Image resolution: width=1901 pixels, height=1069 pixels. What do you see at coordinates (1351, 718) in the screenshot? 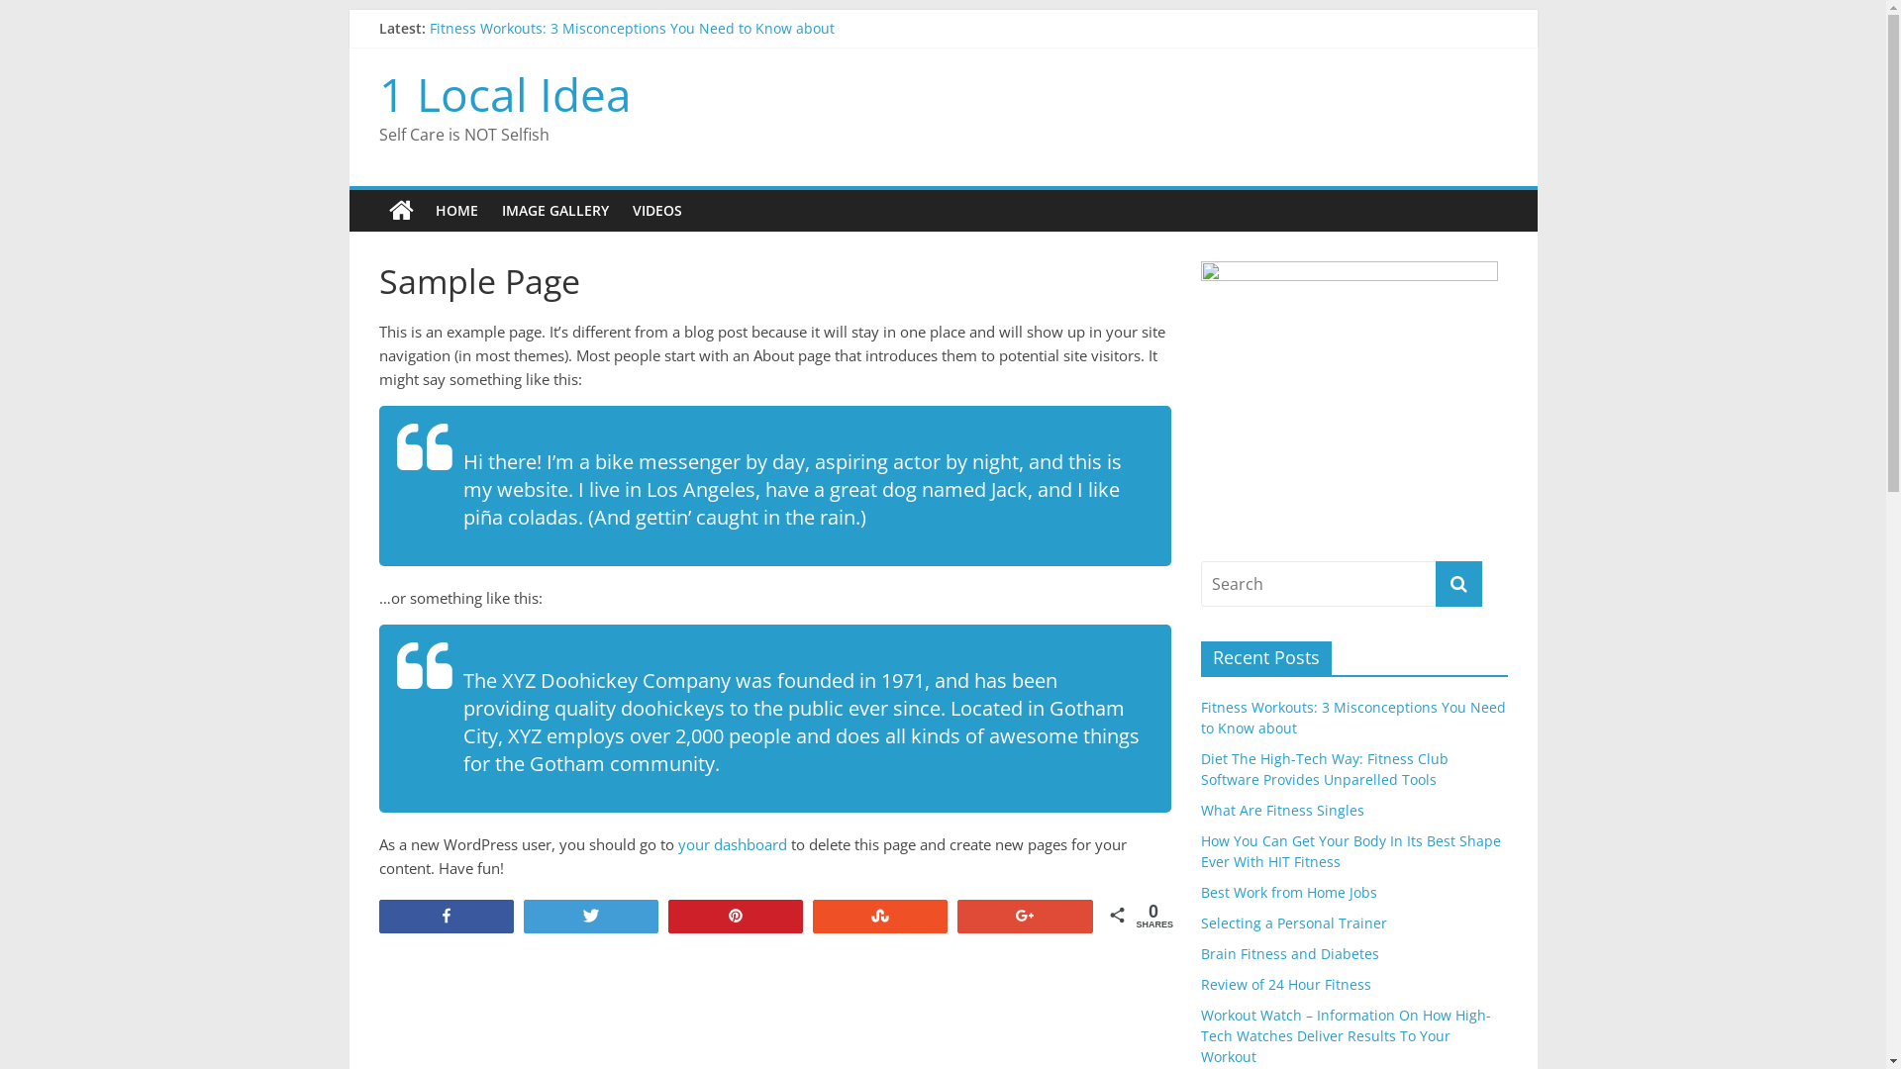
I see `'Fitness Workouts: 3 Misconceptions You Need to Know about'` at bounding box center [1351, 718].